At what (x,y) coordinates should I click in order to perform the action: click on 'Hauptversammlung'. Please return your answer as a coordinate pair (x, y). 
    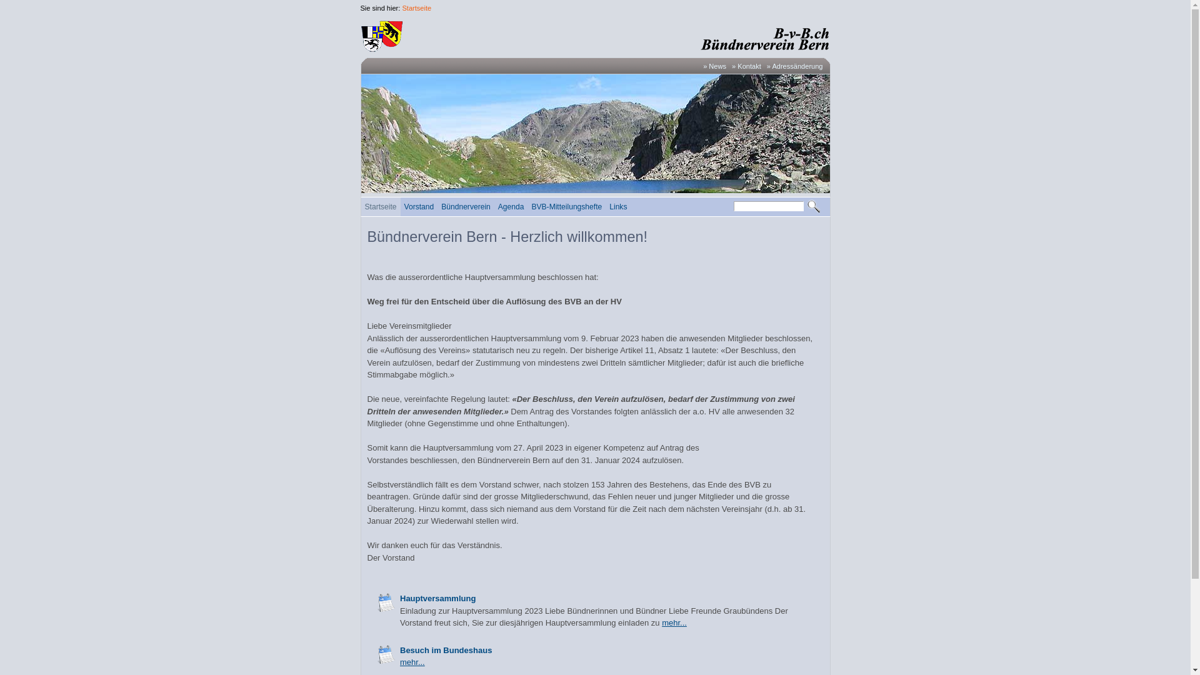
    Looking at the image, I should click on (386, 602).